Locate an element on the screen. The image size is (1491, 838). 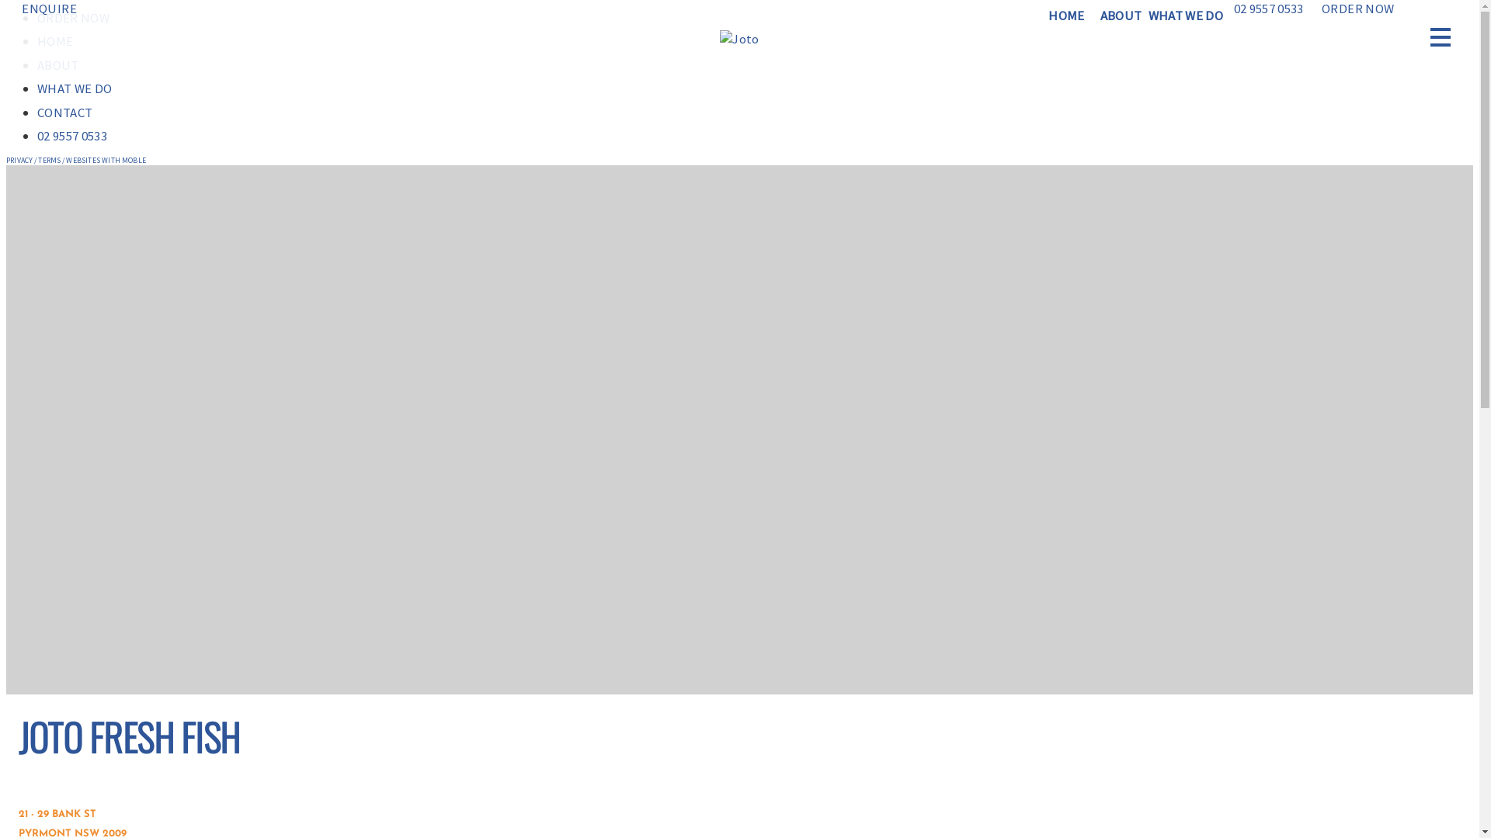
'PRIVACY' is located at coordinates (19, 160).